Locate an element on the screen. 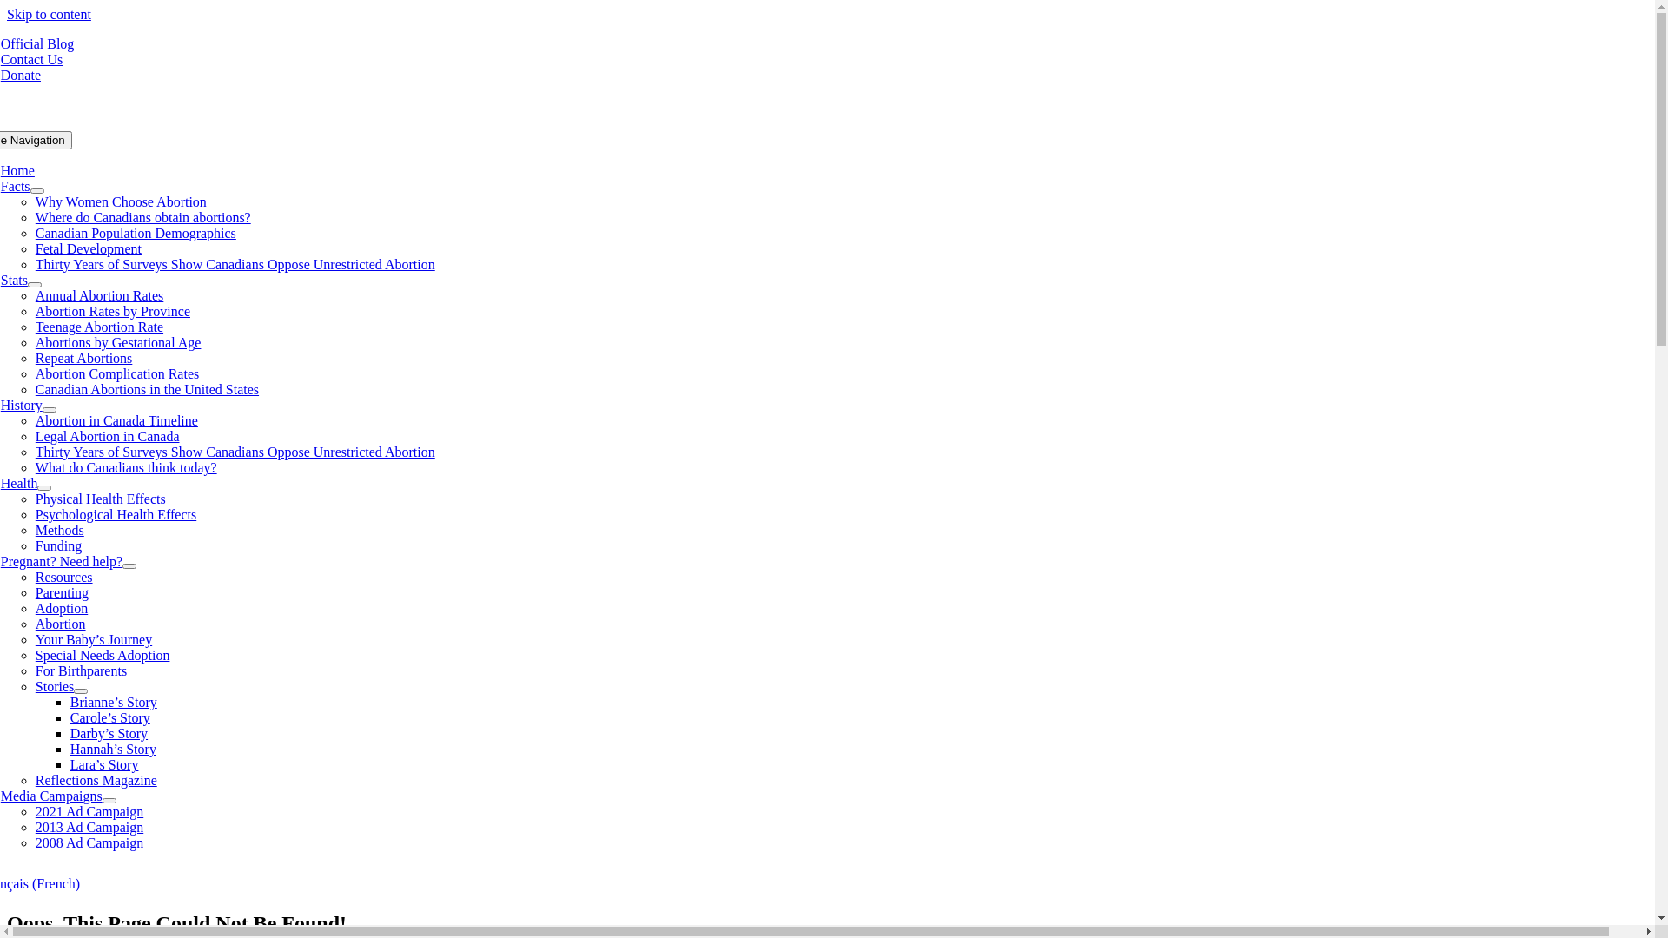 Image resolution: width=1668 pixels, height=938 pixels. 'Annual Abortion Rates' is located at coordinates (99, 294).